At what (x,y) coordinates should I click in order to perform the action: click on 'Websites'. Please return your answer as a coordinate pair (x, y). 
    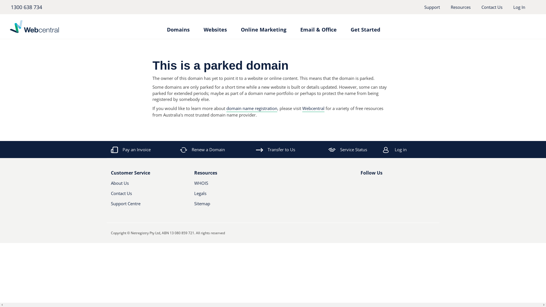
    Looking at the image, I should click on (215, 27).